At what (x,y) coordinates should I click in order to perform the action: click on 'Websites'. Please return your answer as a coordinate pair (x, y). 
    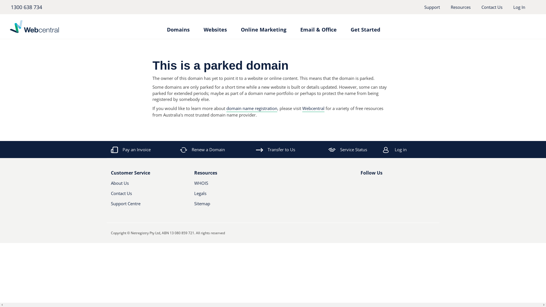
    Looking at the image, I should click on (215, 27).